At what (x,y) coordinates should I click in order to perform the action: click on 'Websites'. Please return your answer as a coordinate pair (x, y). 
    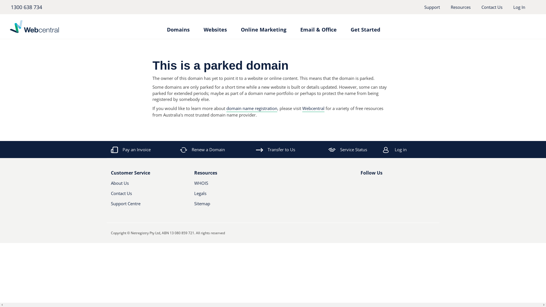
    Looking at the image, I should click on (215, 27).